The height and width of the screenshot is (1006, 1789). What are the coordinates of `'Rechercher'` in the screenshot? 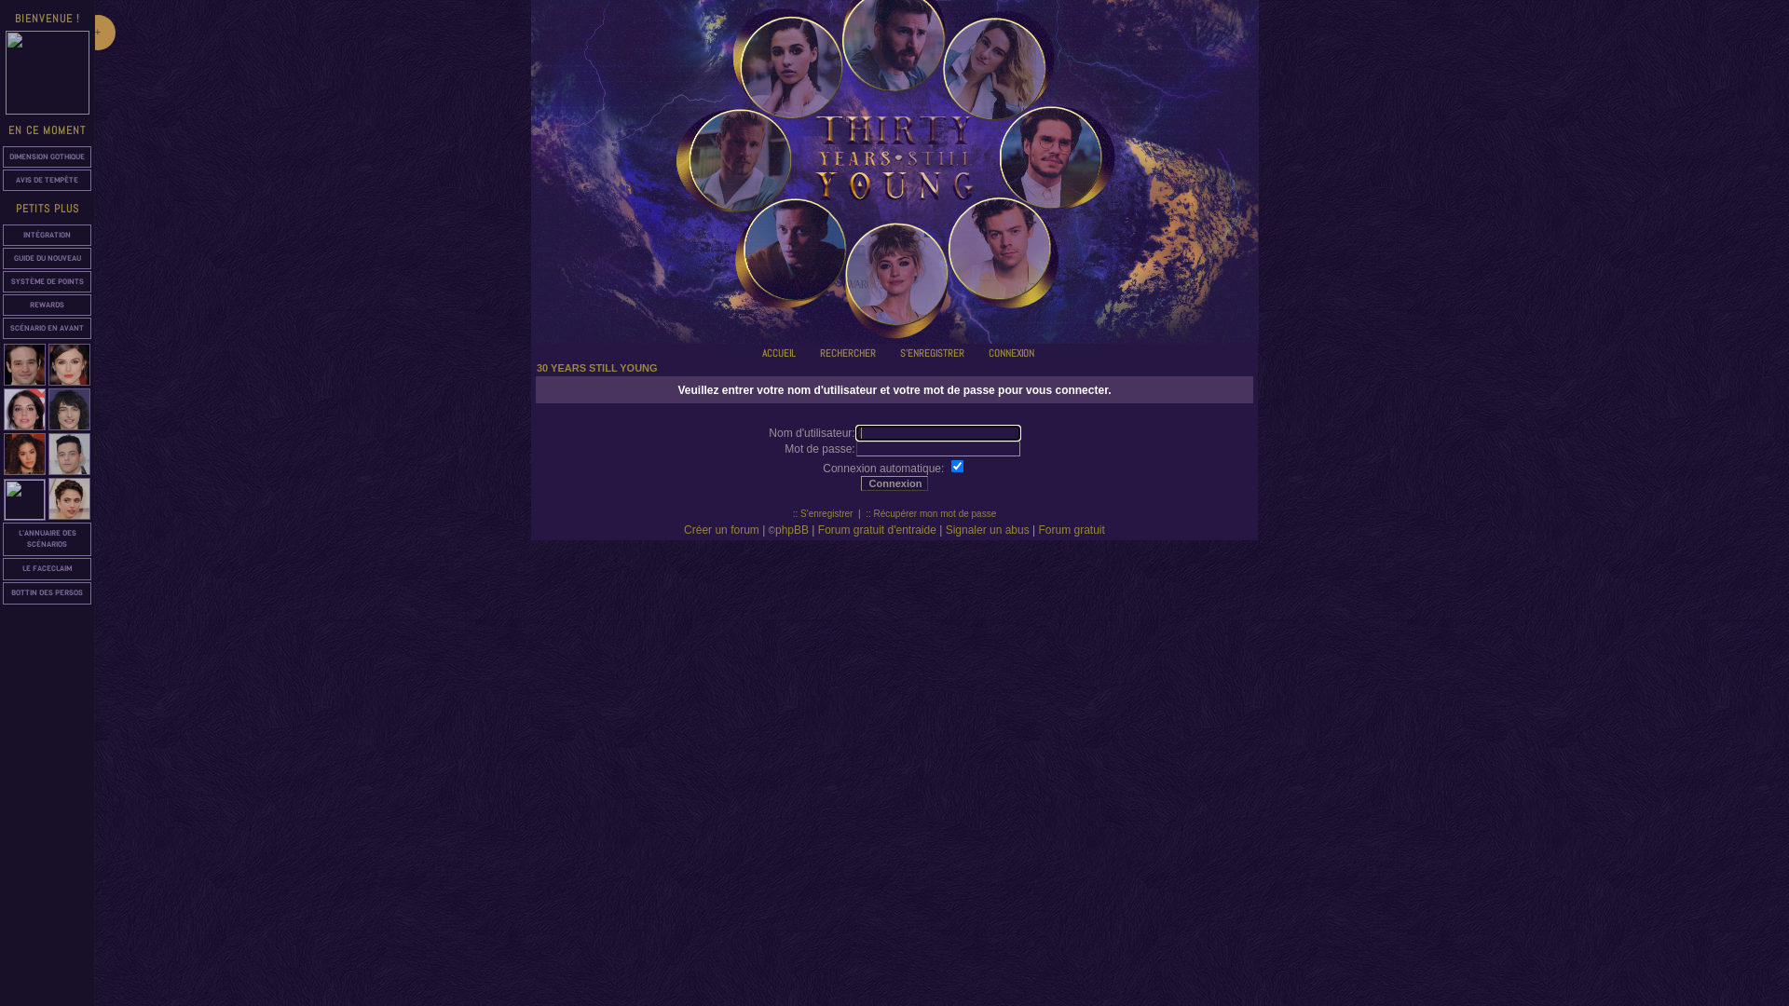 It's located at (812, 350).